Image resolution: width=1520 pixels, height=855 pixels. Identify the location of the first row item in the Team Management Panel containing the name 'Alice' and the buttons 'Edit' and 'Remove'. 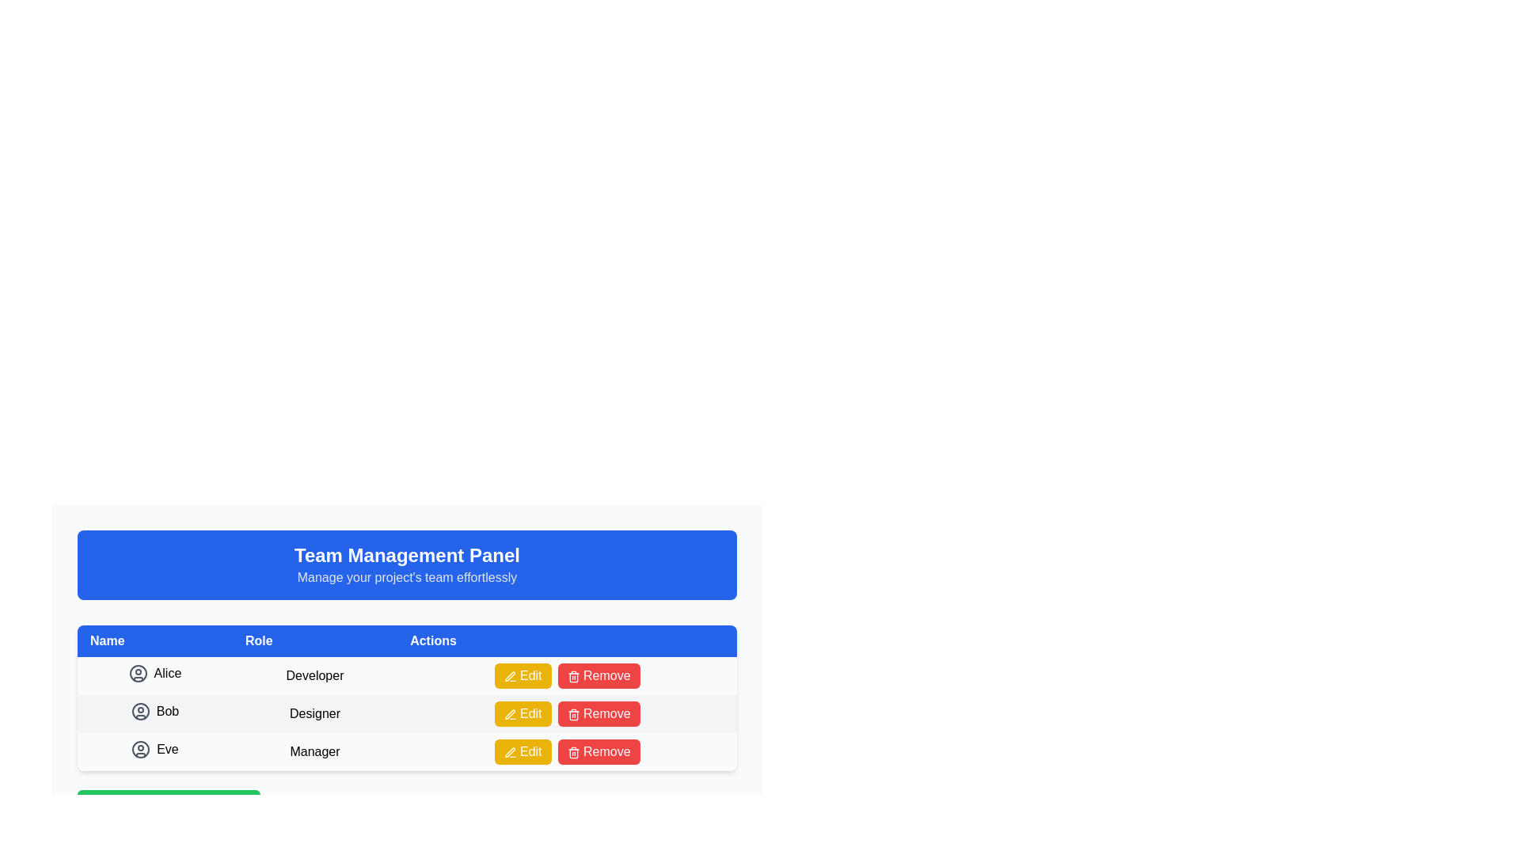
(407, 675).